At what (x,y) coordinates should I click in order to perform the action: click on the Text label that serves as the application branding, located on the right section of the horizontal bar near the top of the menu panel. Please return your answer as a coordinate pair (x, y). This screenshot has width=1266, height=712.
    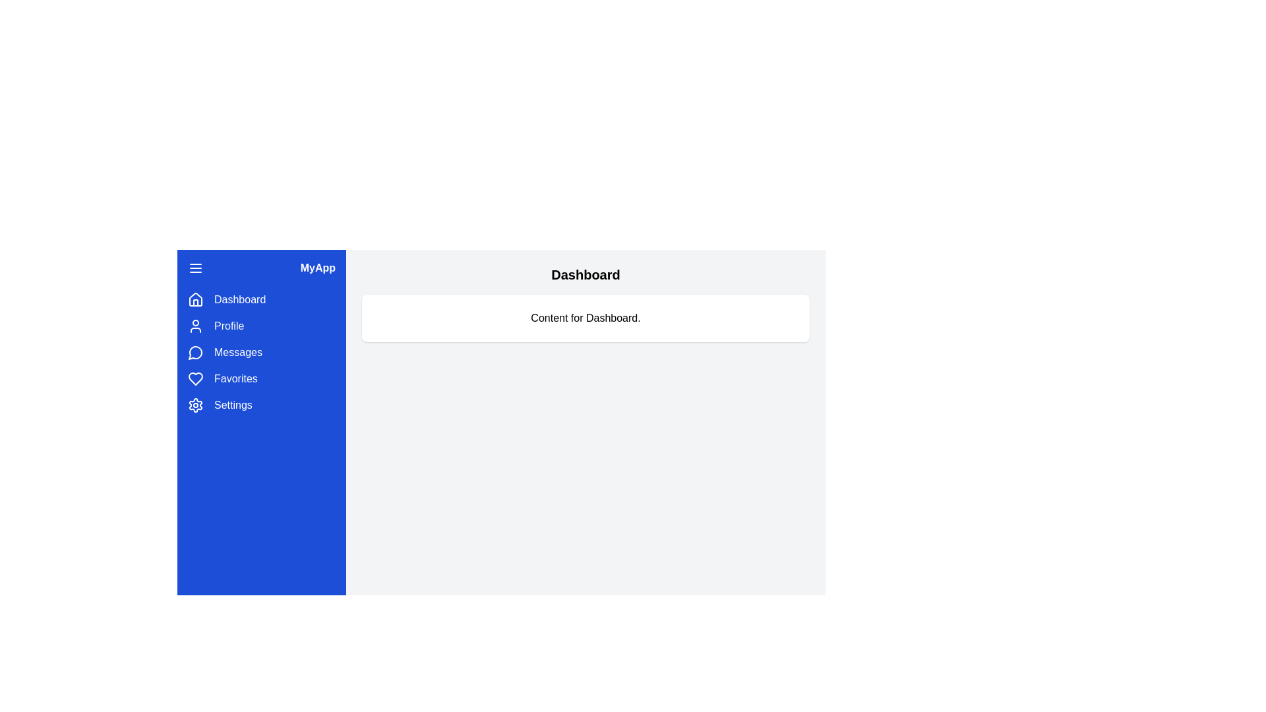
    Looking at the image, I should click on (318, 268).